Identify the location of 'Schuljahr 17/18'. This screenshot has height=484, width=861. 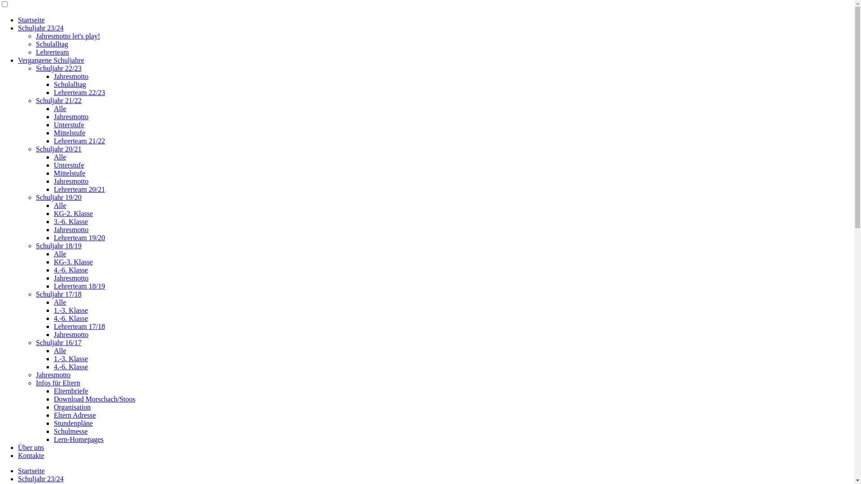
(58, 294).